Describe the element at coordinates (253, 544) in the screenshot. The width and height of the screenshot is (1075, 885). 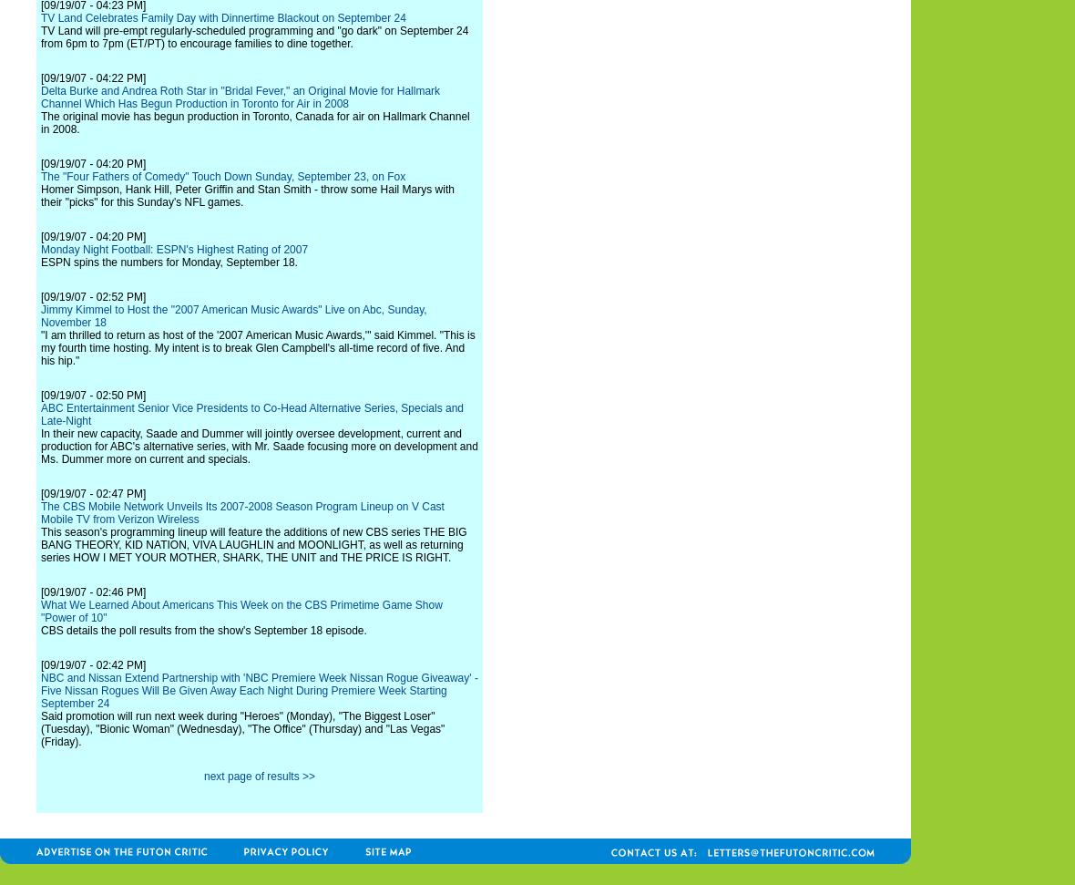
I see `'This season's programming lineup will feature the additions of new CBS series THE BIG BANG THEORY, KID NATION, VIVA LAUGHLIN and MOONLIGHT, as well as returning series HOW I MET YOUR MOTHER, SHARK, THE UNIT and THE PRICE IS RIGHT.'` at that location.